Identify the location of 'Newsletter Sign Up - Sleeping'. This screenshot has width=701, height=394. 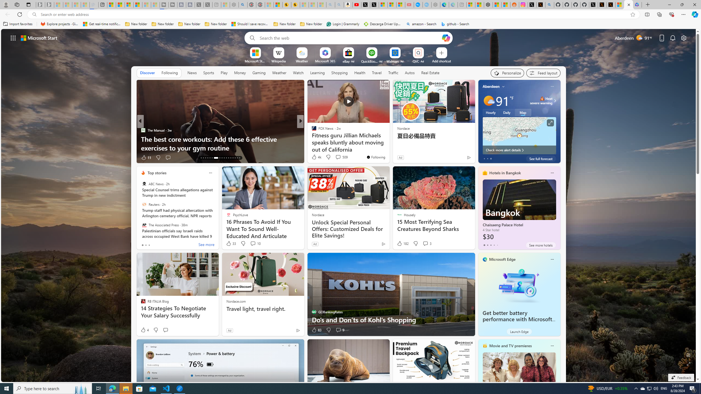
(49, 4).